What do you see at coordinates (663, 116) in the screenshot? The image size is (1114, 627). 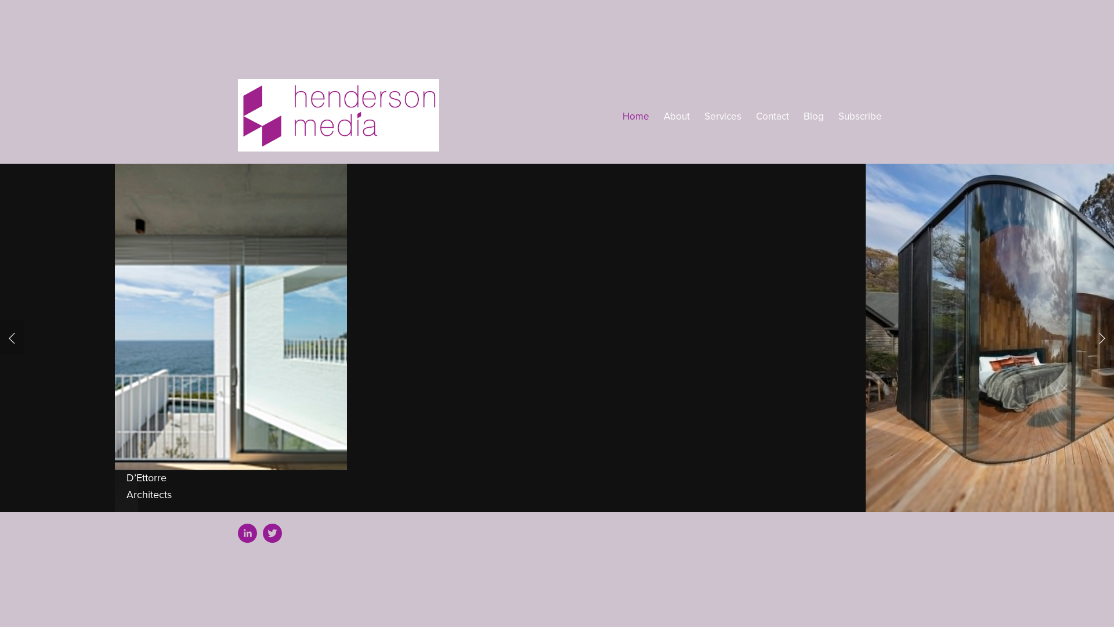 I see `'About'` at bounding box center [663, 116].